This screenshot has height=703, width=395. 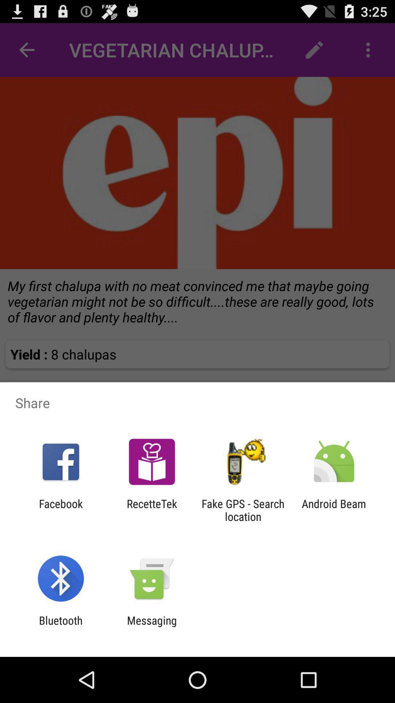 What do you see at coordinates (151, 626) in the screenshot?
I see `the app to the right of bluetooth item` at bounding box center [151, 626].